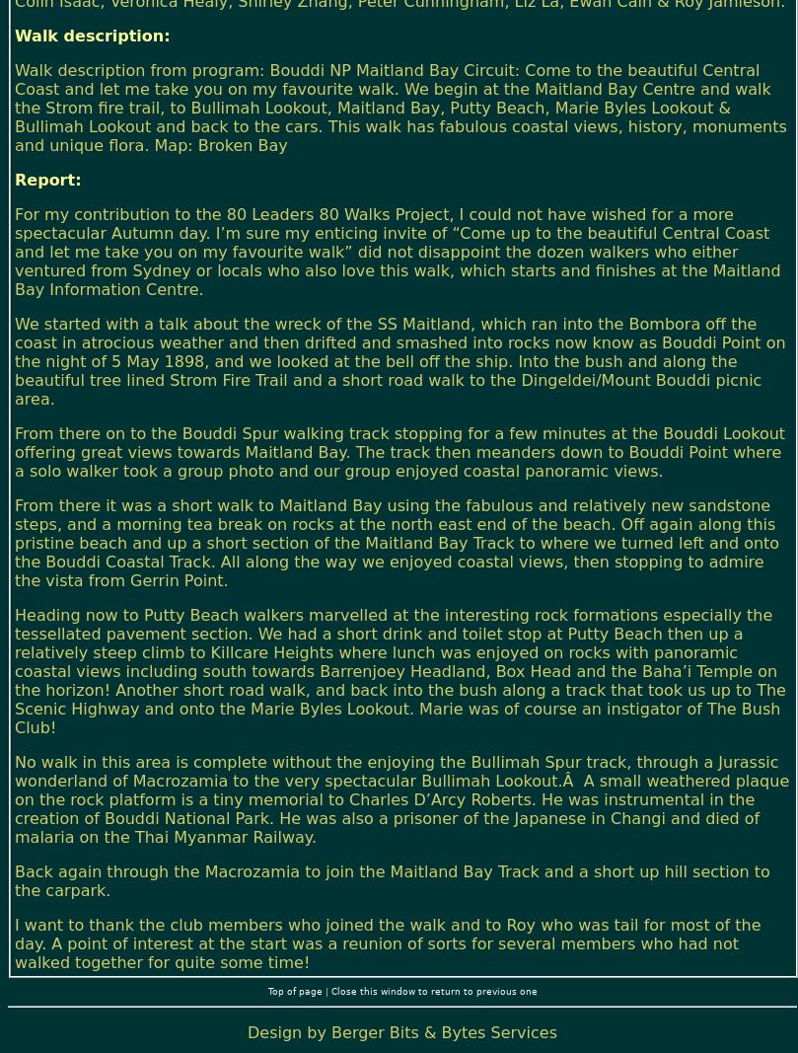 This screenshot has width=798, height=1053. I want to click on 'Close 
    this window to return to previous one', so click(432, 991).